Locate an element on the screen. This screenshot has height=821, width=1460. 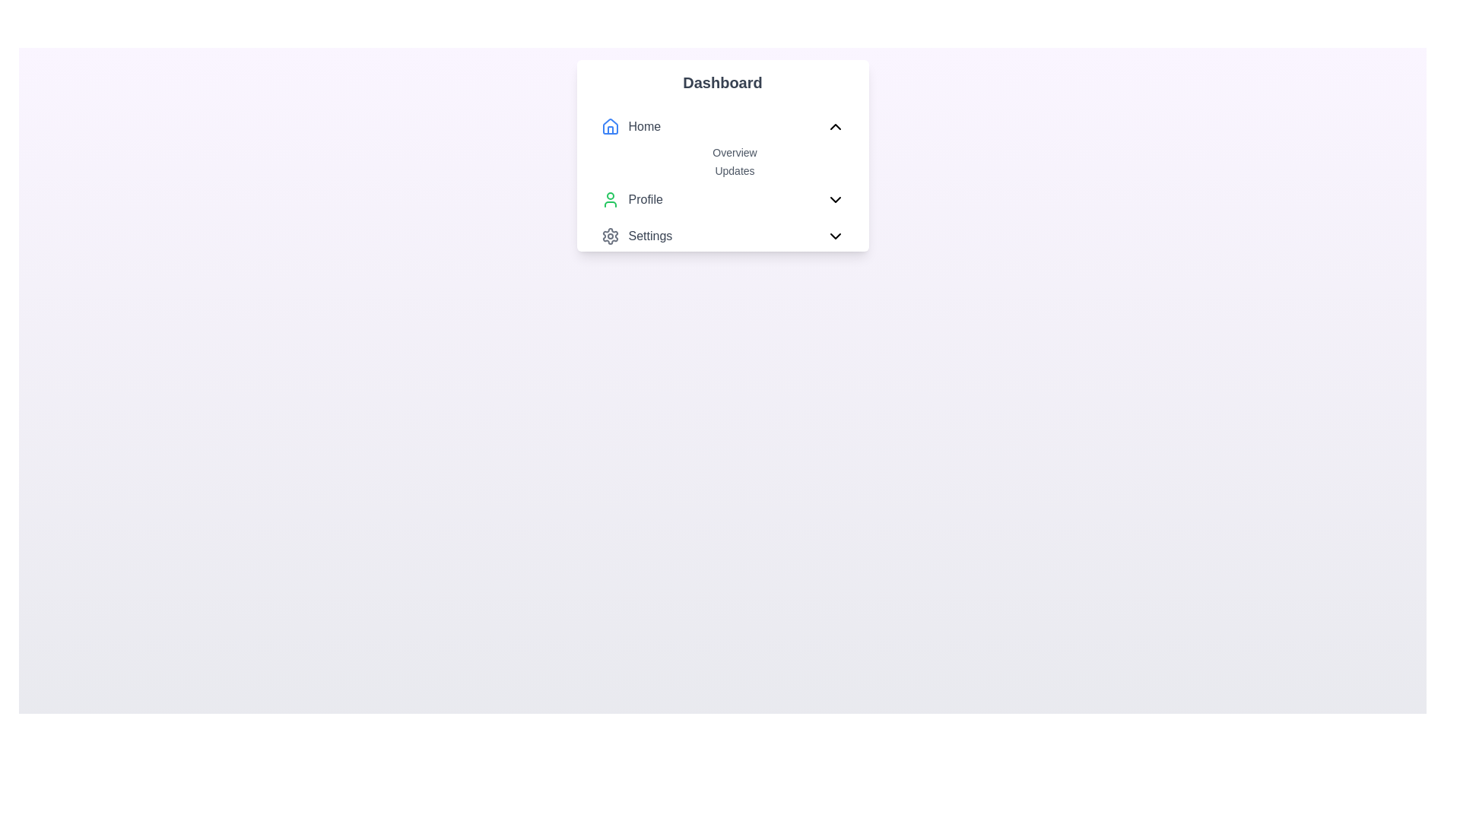
the 'Profile' text label in the menu, which is the second item below 'Home' and above 'Settings' is located at coordinates (646, 198).